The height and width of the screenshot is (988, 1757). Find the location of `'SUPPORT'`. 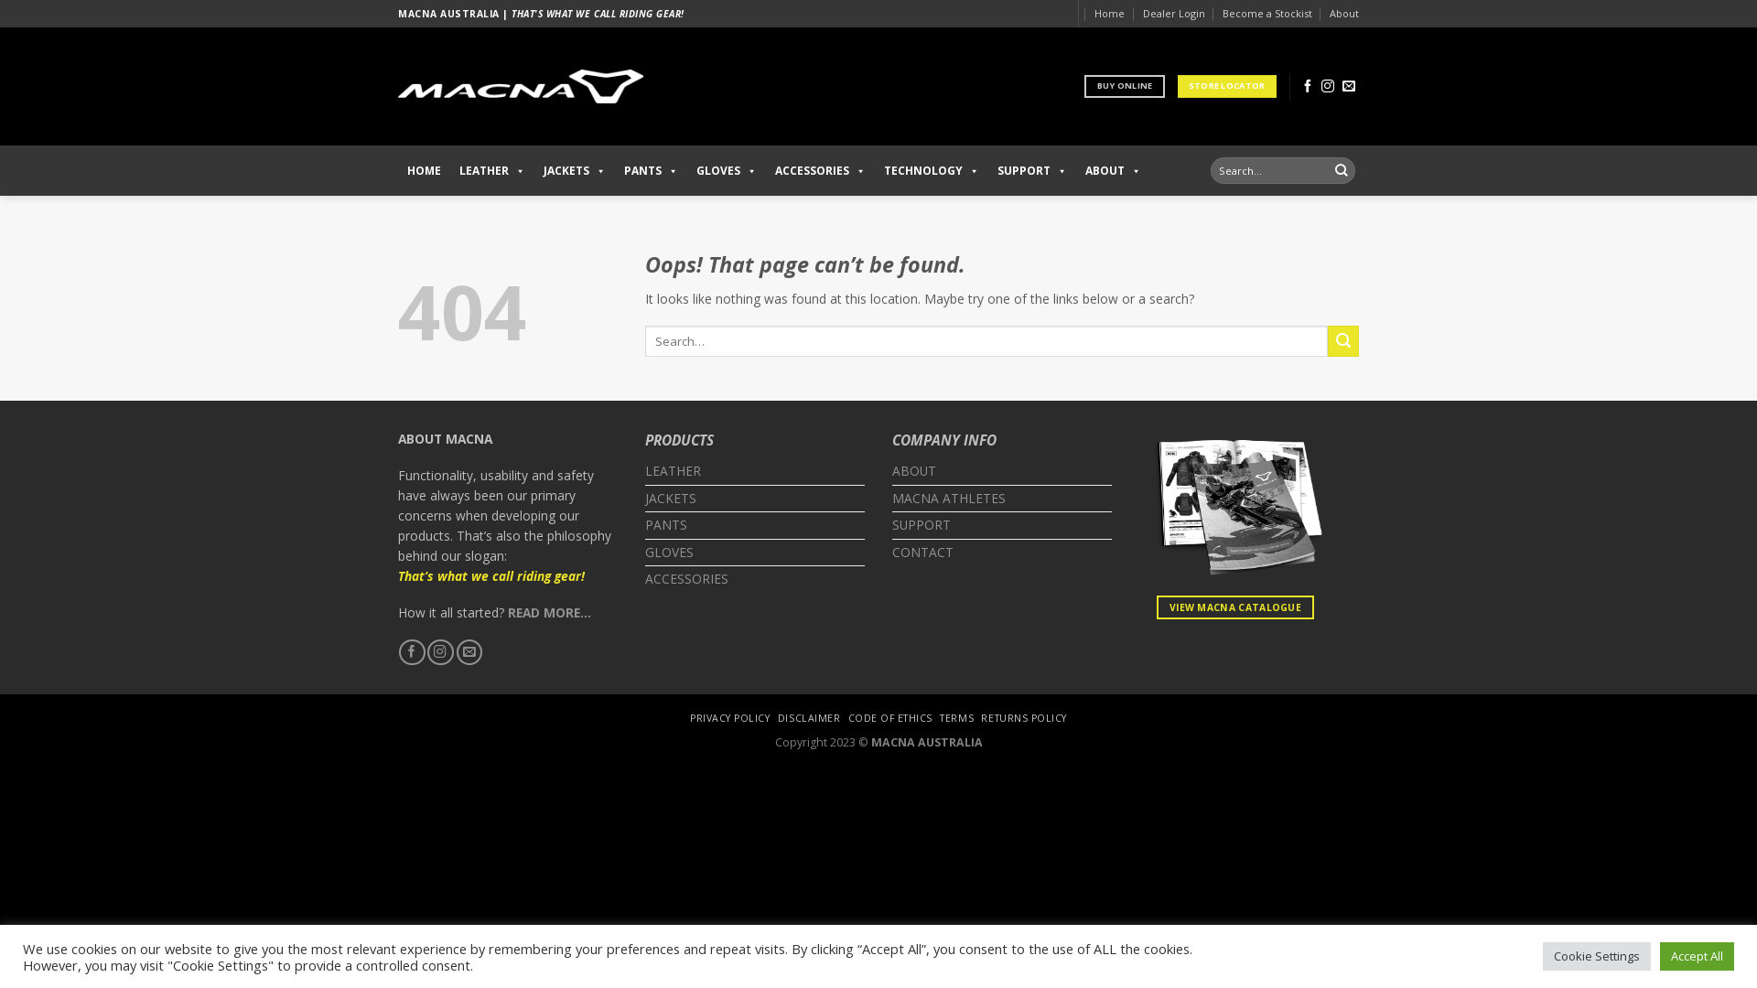

'SUPPORT' is located at coordinates (1032, 169).